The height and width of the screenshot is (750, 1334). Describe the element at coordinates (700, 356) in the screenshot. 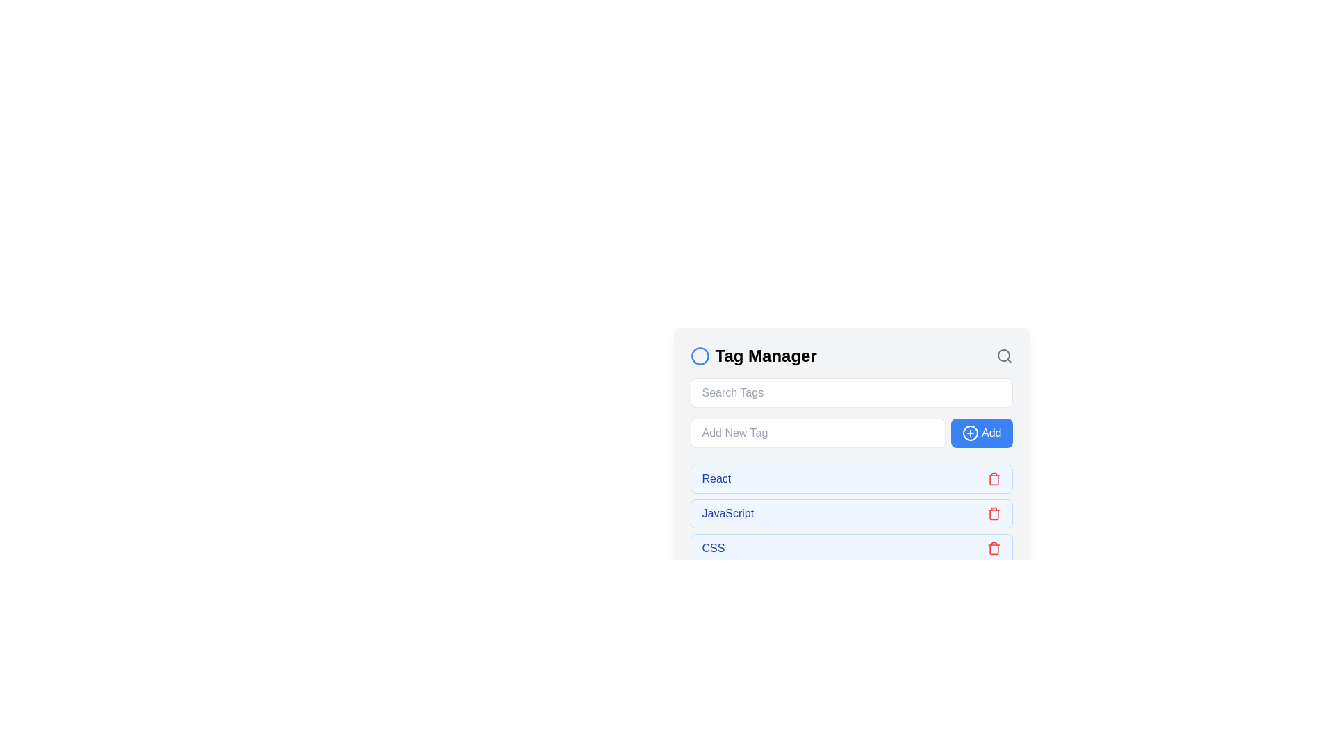

I see `the circular icon with a blue outline located to the left of the 'Tag Manager' text in the header section, if it is interactive` at that location.